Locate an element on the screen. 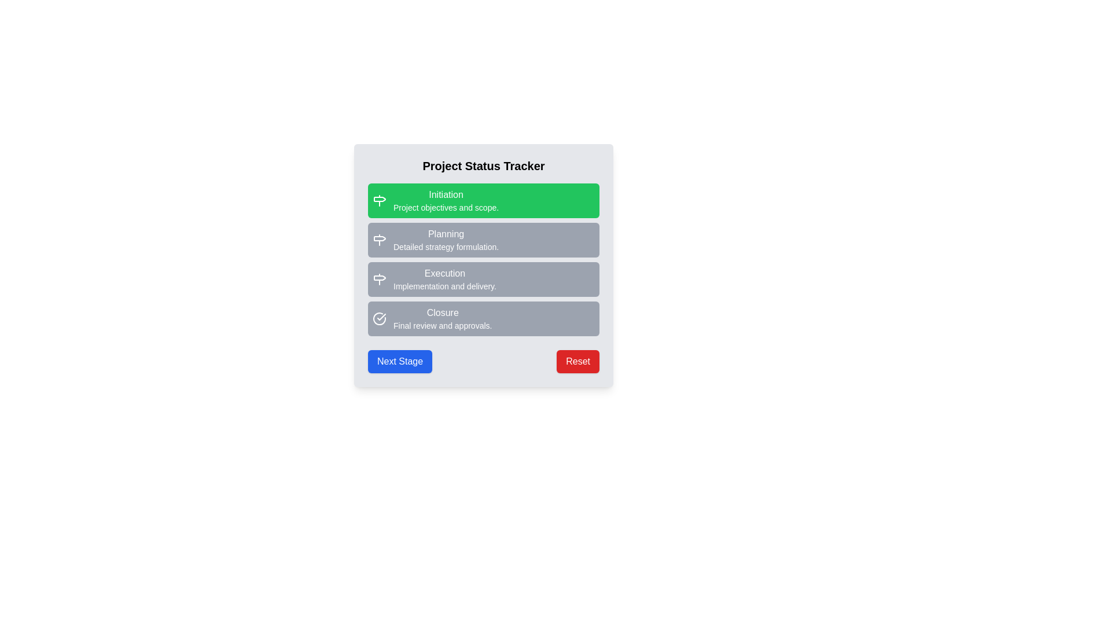 The width and height of the screenshot is (1111, 625). the Text element that provides descriptive information for the 'Execution' section, located beneath the label 'Execution' is located at coordinates (444, 286).